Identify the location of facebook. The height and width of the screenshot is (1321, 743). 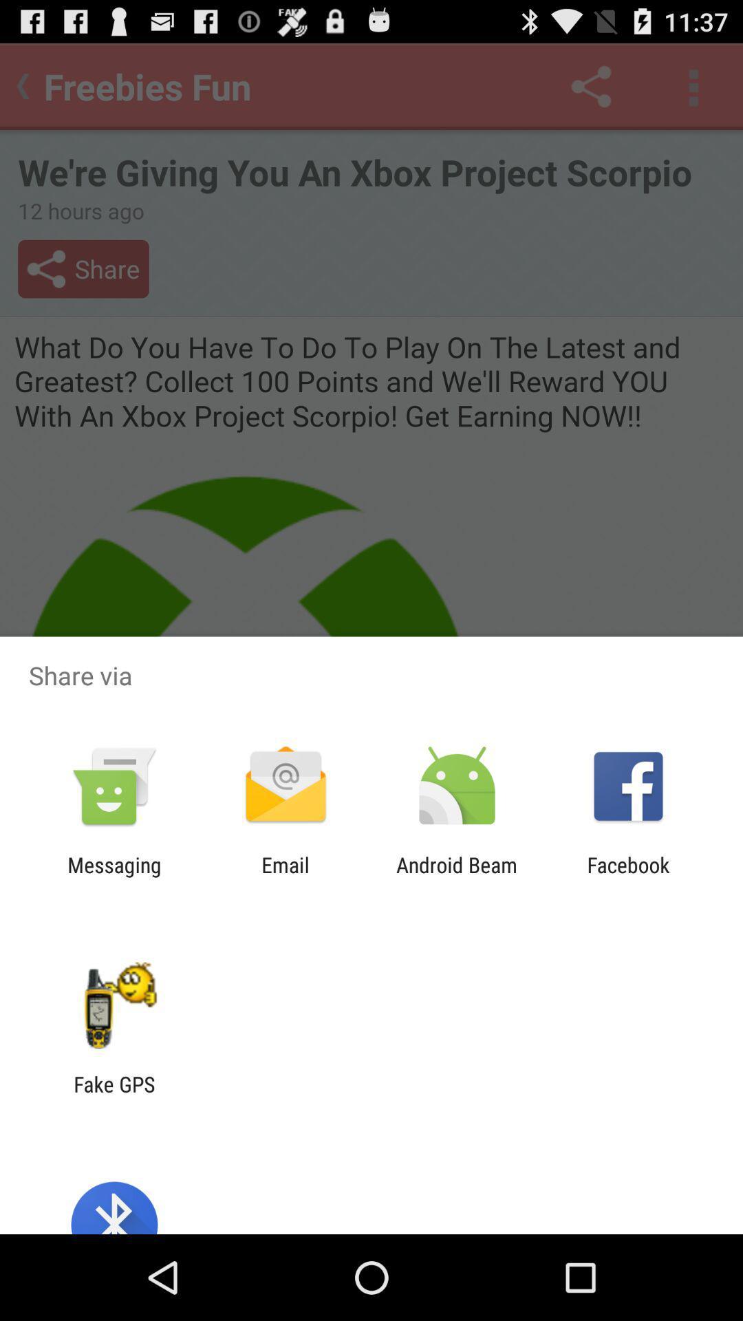
(628, 877).